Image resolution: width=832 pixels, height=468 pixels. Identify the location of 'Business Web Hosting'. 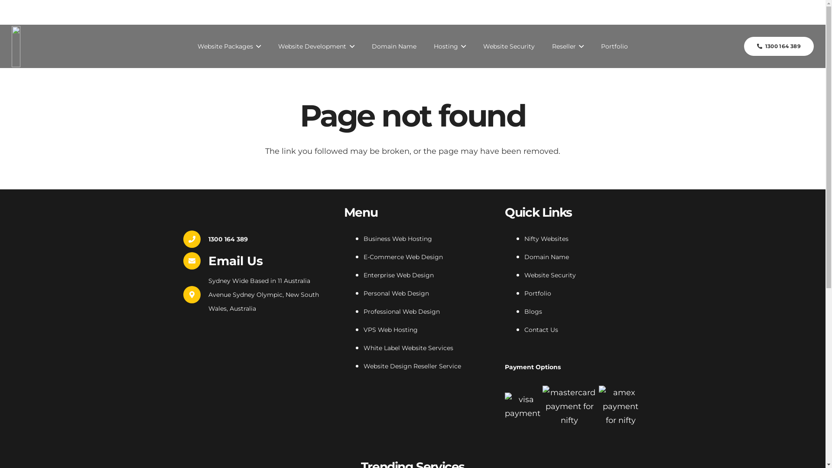
(397, 239).